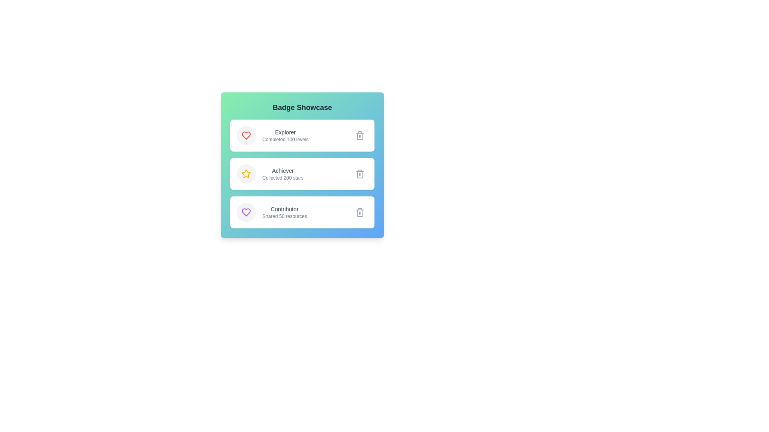 Image resolution: width=769 pixels, height=432 pixels. What do you see at coordinates (302, 107) in the screenshot?
I see `the title of the badge list component to understand its purpose` at bounding box center [302, 107].